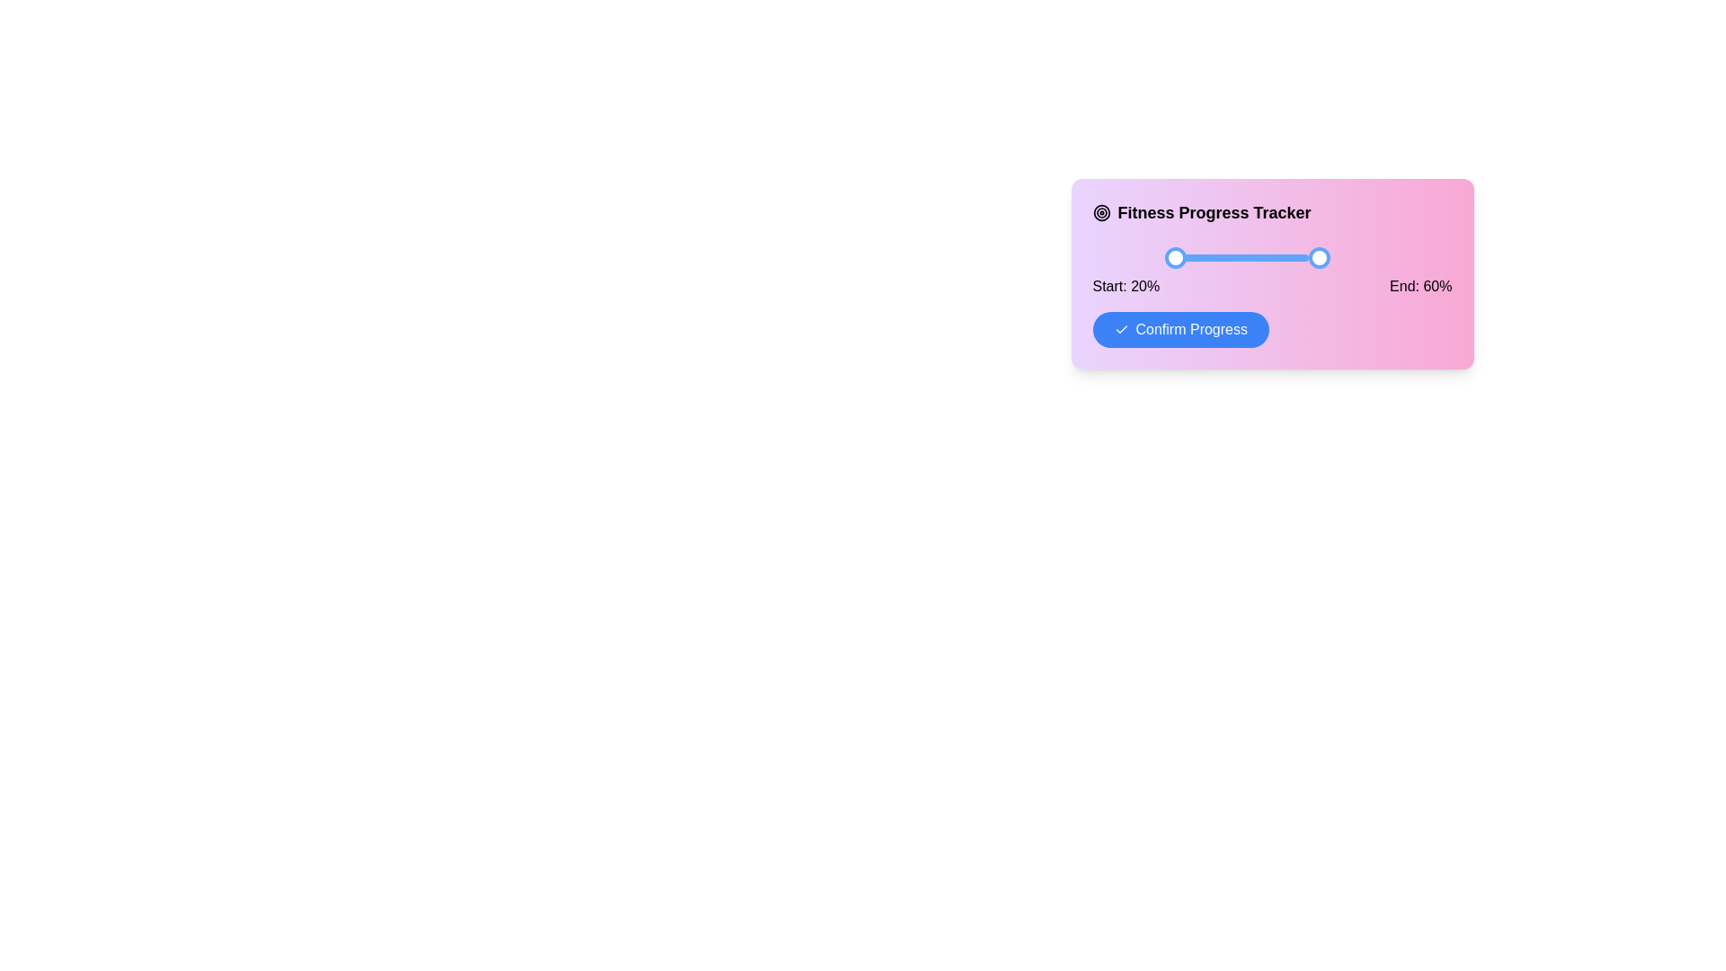 This screenshot has height=971, width=1726. Describe the element at coordinates (1271, 211) in the screenshot. I see `the text label reading 'Fitness Progress Tracker' that is accompanied by a target icon on the left and set against a pink gradient background` at that location.